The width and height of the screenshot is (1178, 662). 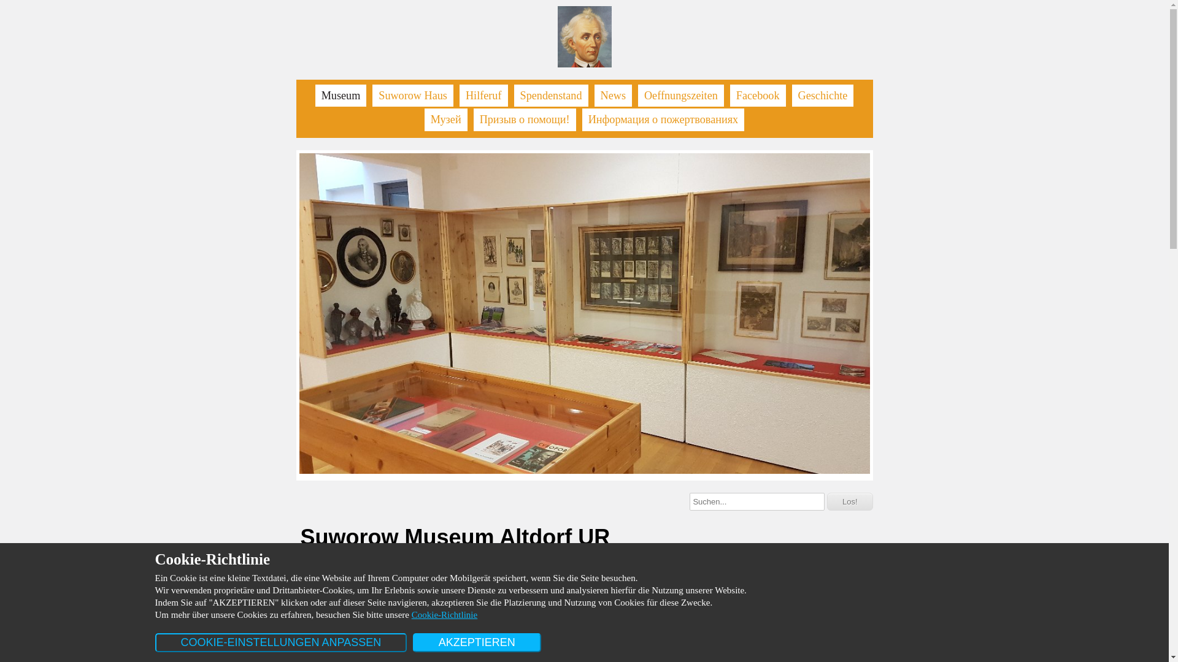 What do you see at coordinates (280, 642) in the screenshot?
I see `'COOKIE-EINSTELLUNGEN ANPASSEN'` at bounding box center [280, 642].